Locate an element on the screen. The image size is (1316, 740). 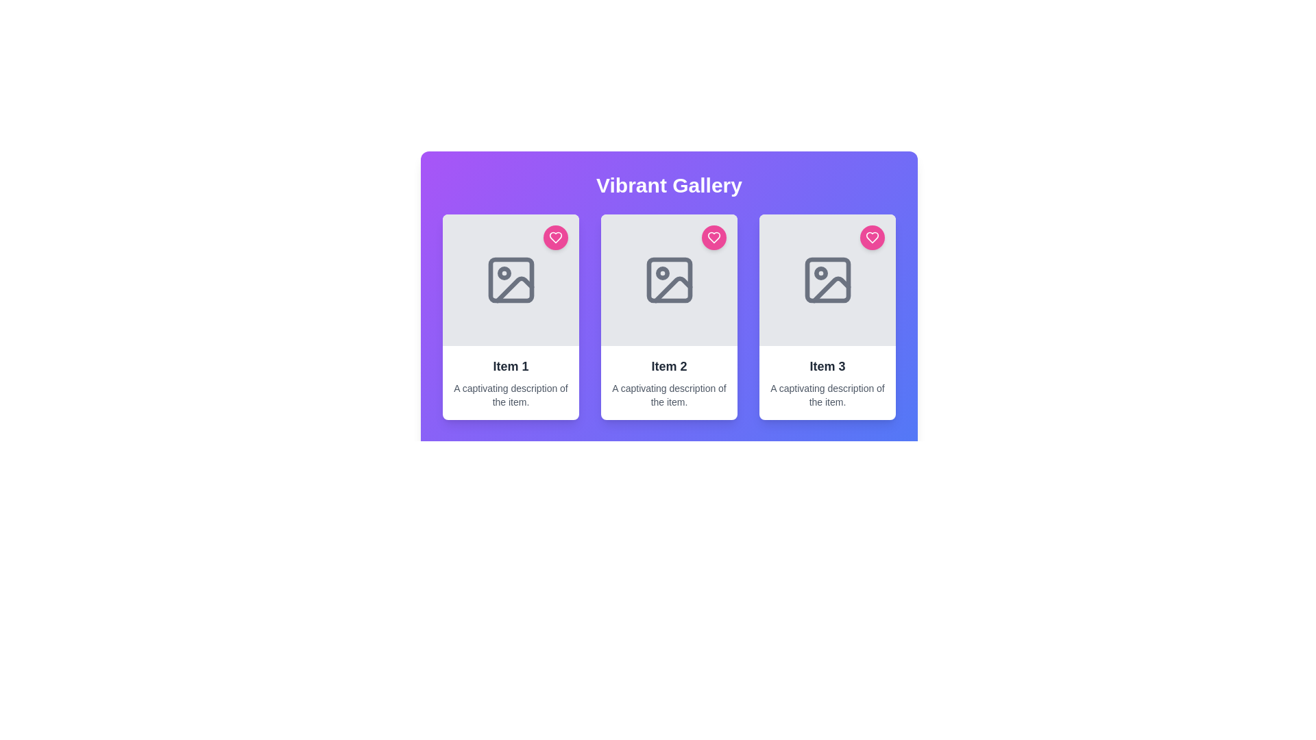
item details of the second card in the 'Vibrant Gallery' section, which contains the title 'Item 2' and the description 'A captivating description of the item.' is located at coordinates (669, 317).